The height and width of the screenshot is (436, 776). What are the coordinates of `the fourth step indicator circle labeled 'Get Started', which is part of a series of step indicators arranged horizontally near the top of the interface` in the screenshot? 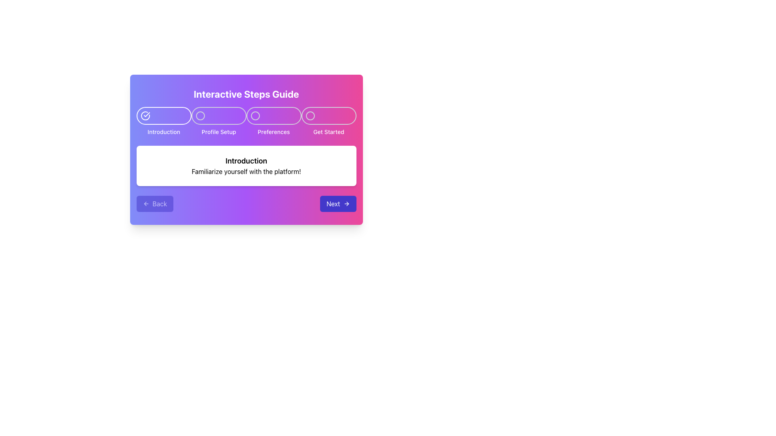 It's located at (310, 115).